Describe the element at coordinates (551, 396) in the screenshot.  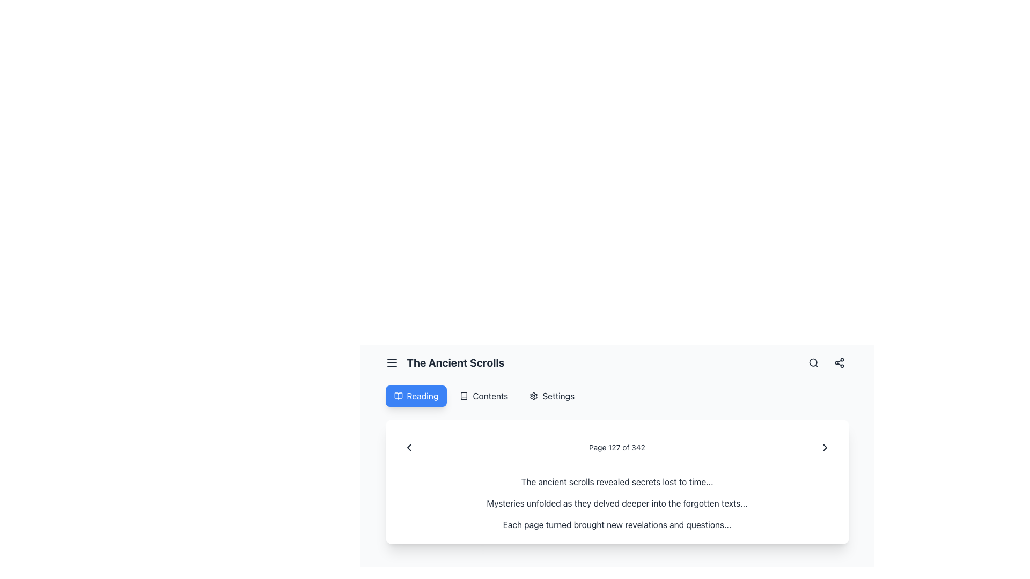
I see `the 'Settings' button, which is a rectangular button with a gear icon and rounded borders, located as the rightmost button among 'Reading', 'Contents', and 'Settings'` at that location.